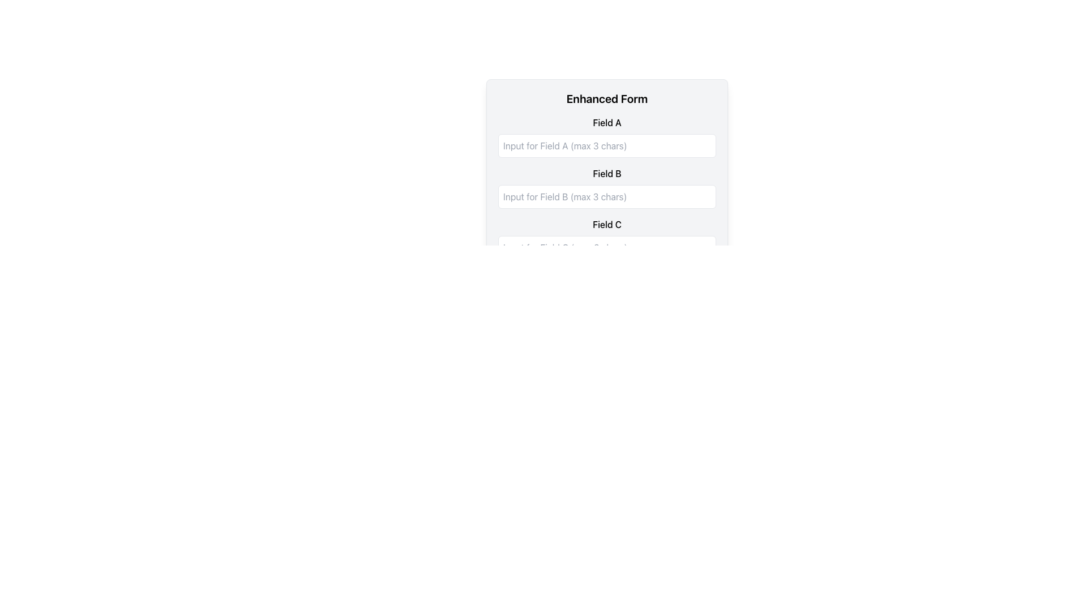 This screenshot has height=611, width=1087. I want to click on text into the text input field located below 'Field A' and above 'Field C', so click(606, 191).